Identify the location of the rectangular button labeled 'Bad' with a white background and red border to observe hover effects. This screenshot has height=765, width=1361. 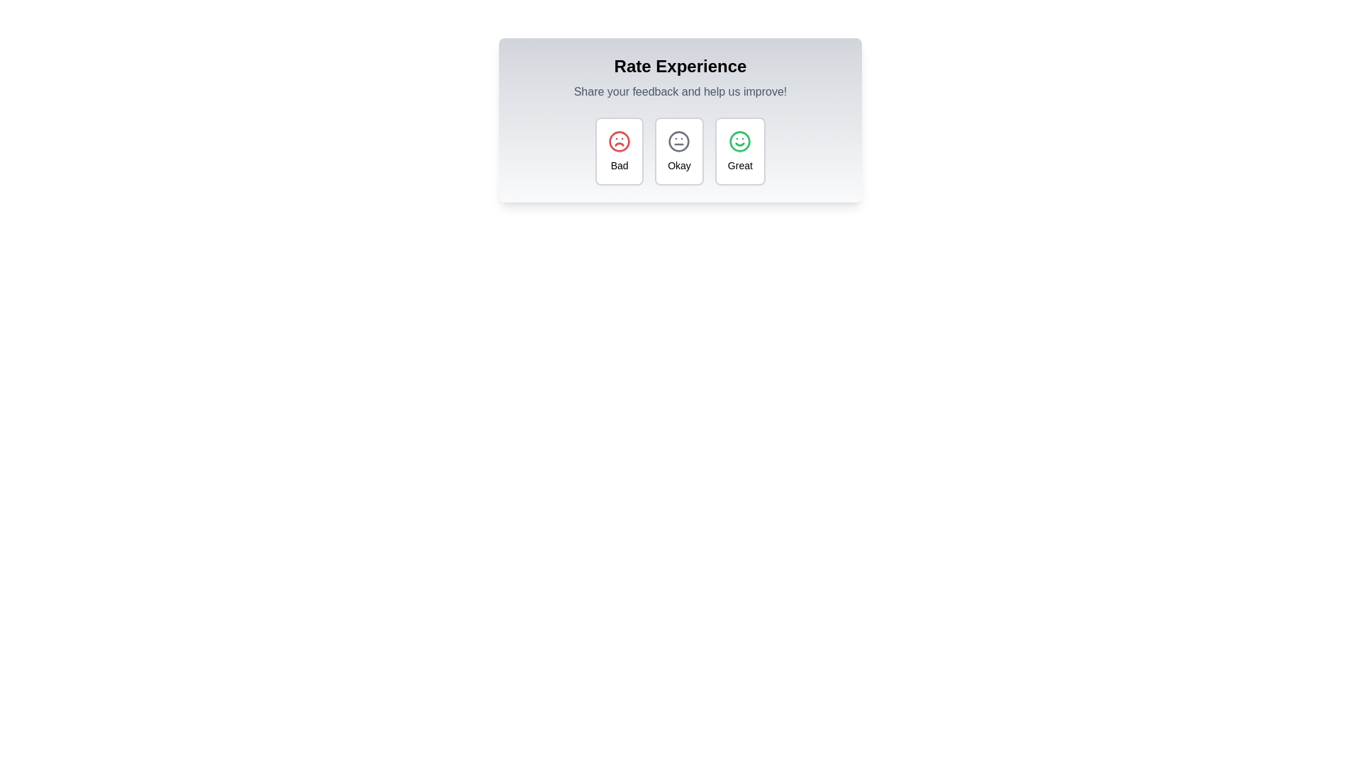
(620, 151).